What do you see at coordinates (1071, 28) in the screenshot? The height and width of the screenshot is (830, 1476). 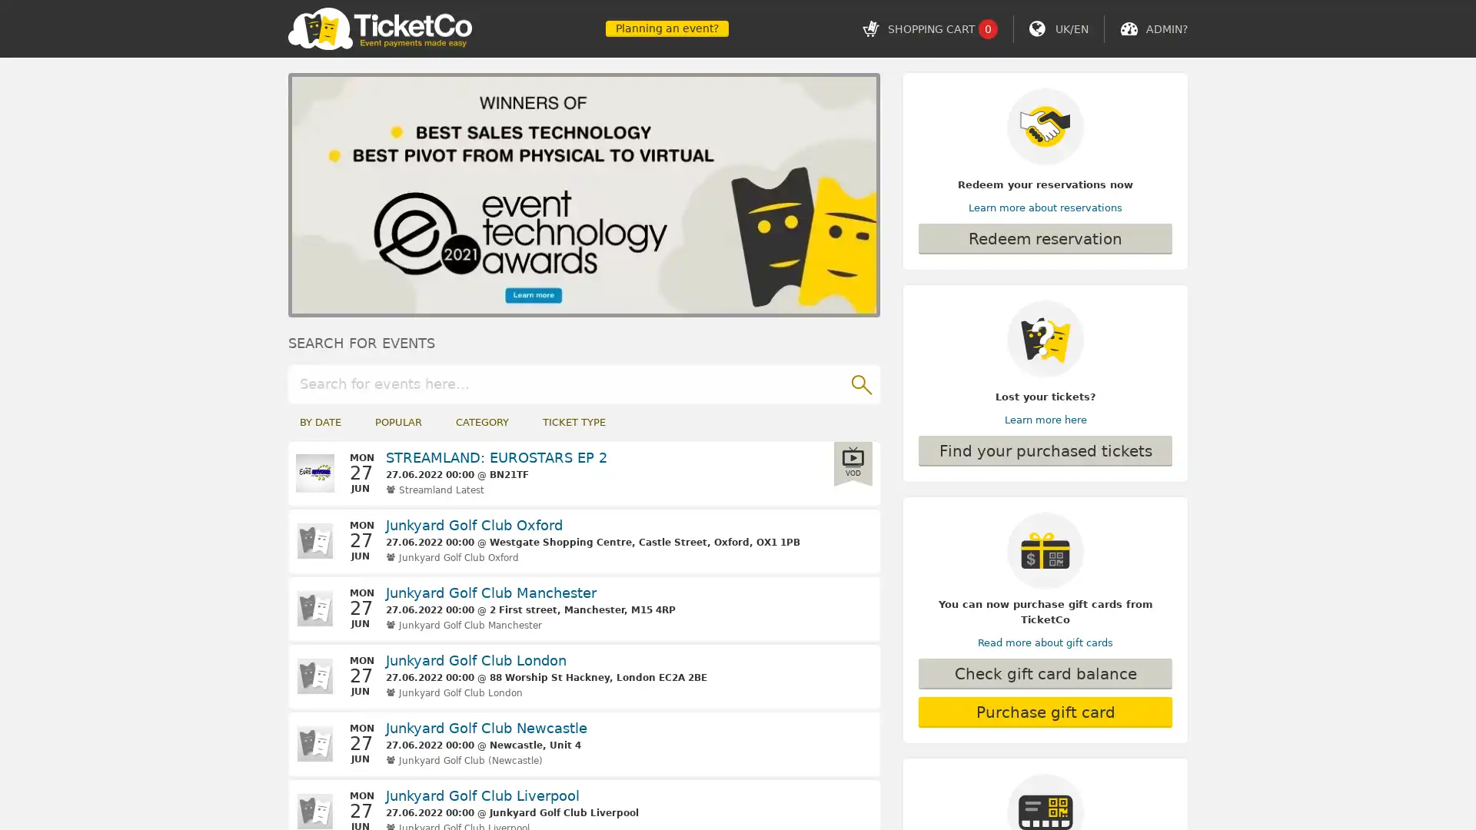 I see `UK/EN` at bounding box center [1071, 28].